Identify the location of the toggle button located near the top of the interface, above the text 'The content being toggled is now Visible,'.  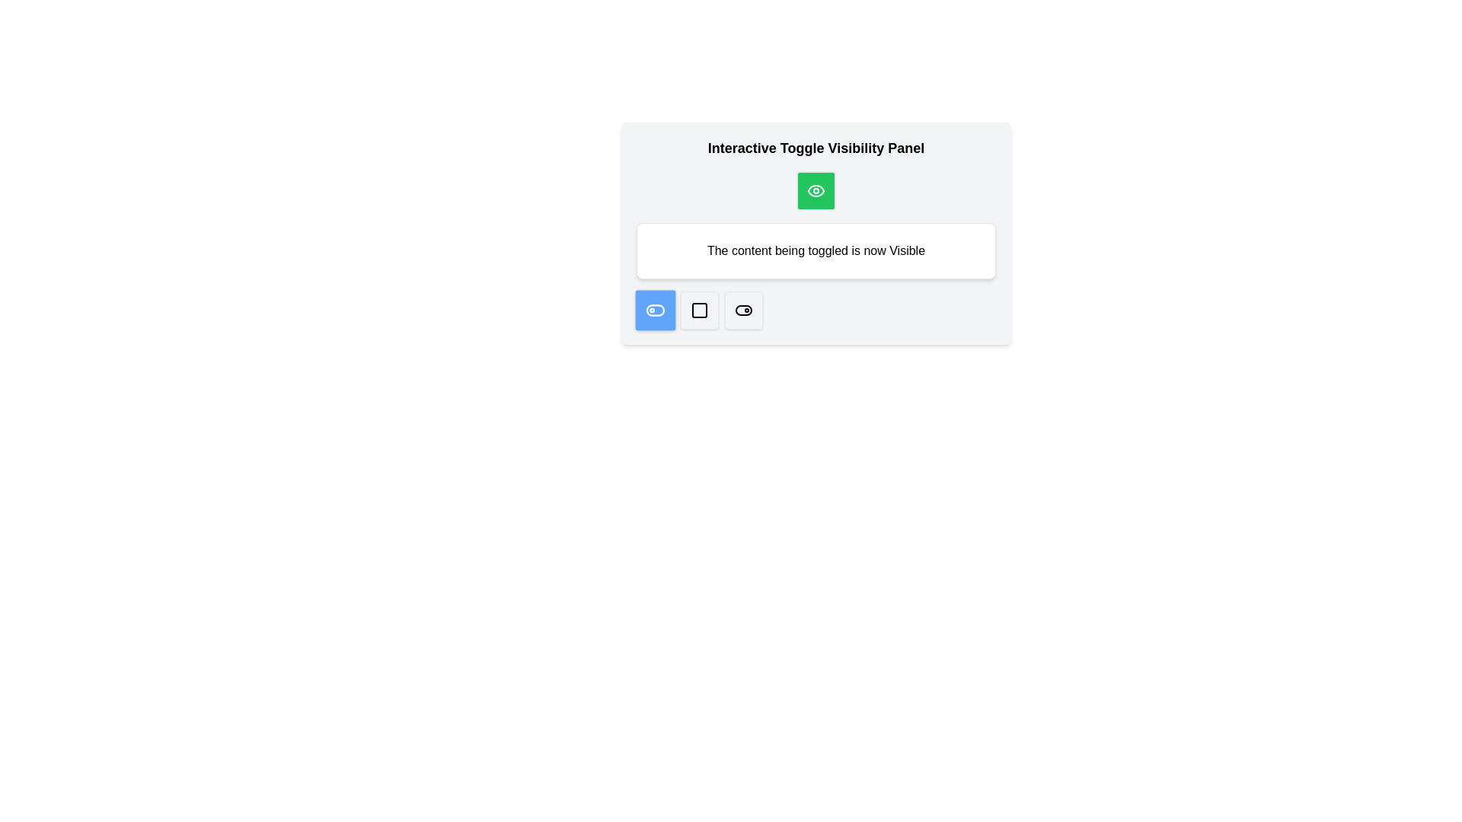
(815, 190).